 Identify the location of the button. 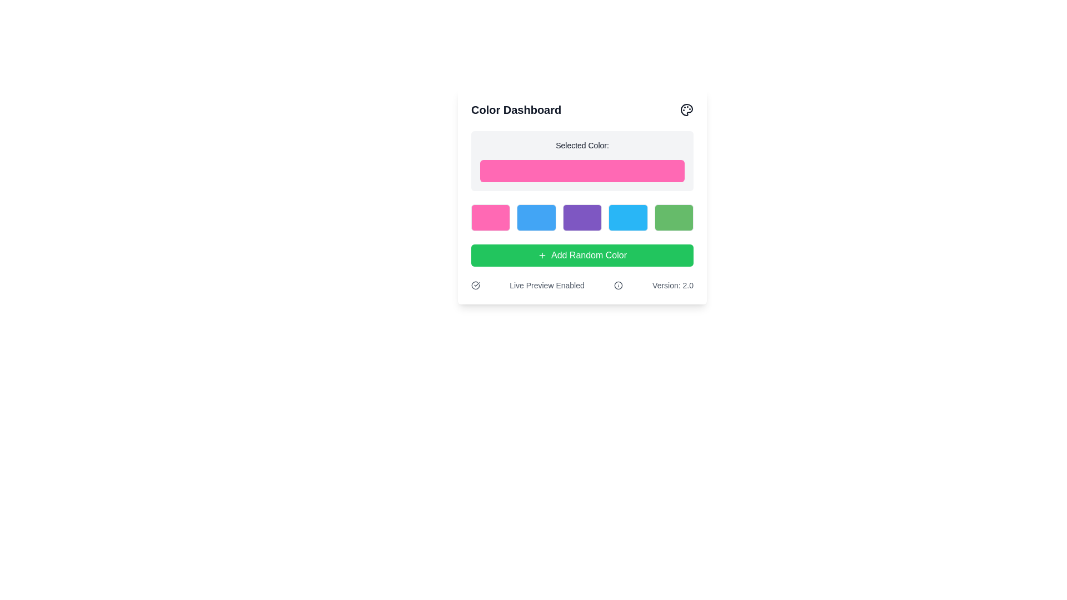
(581, 255).